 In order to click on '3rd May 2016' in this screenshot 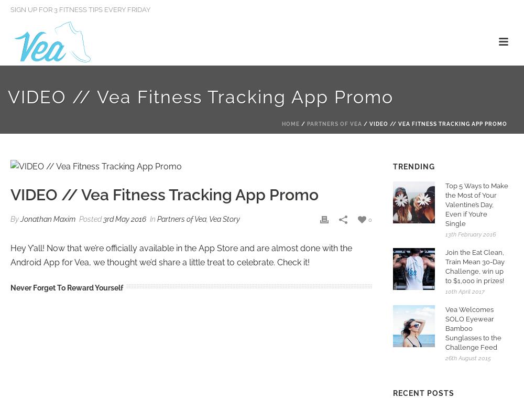, I will do `click(124, 218)`.